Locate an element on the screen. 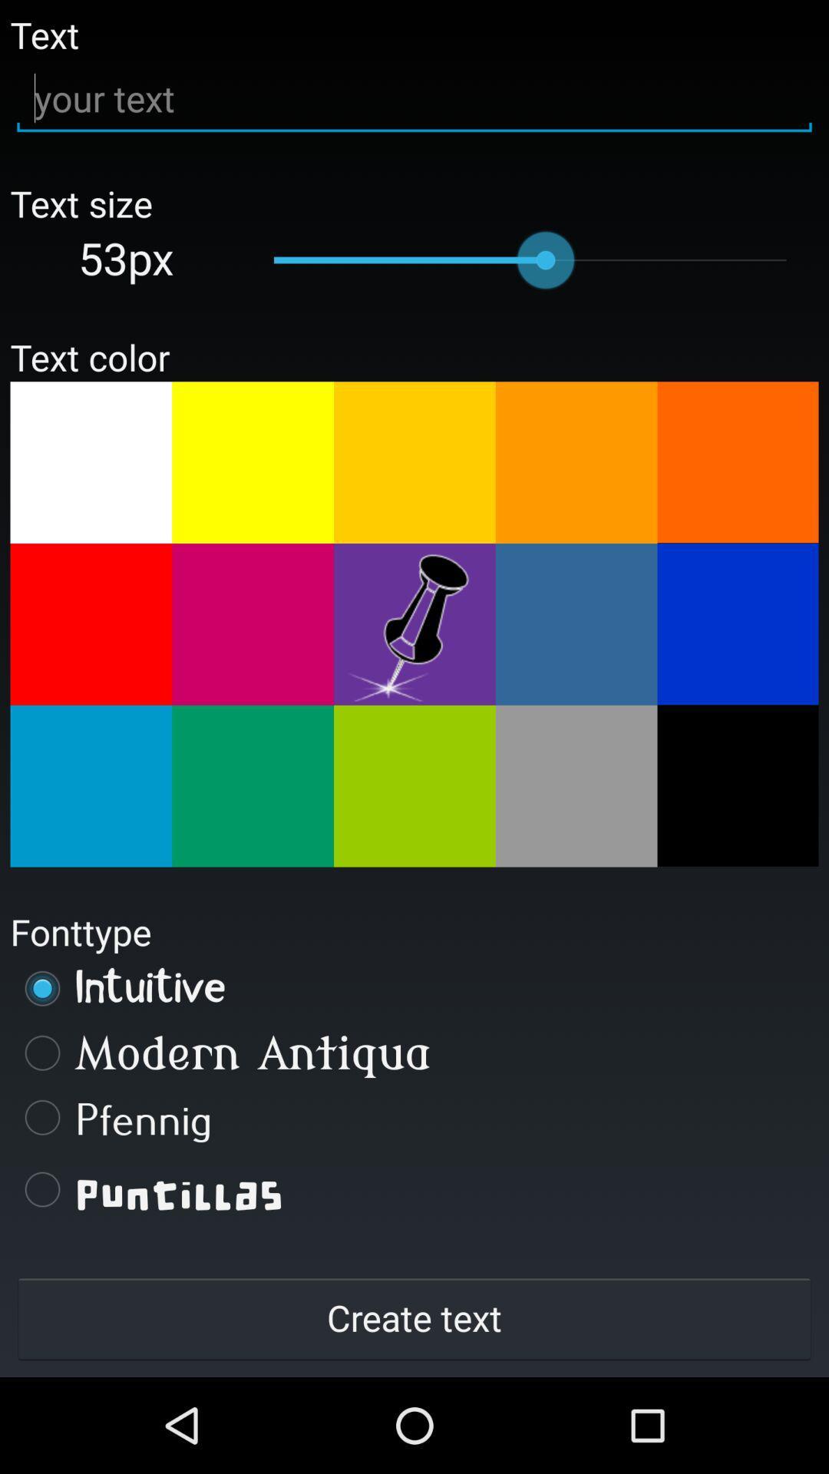  modern antiqua is located at coordinates (414, 1052).